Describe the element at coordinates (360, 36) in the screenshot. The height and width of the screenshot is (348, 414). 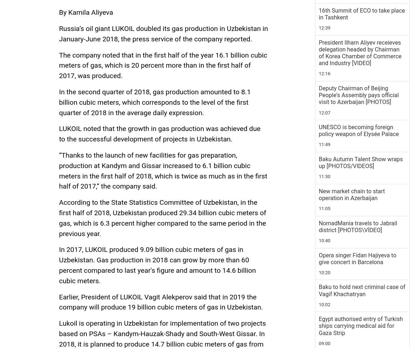
I see `'Azerbaijani FM leaves on official visit to Romania'` at that location.